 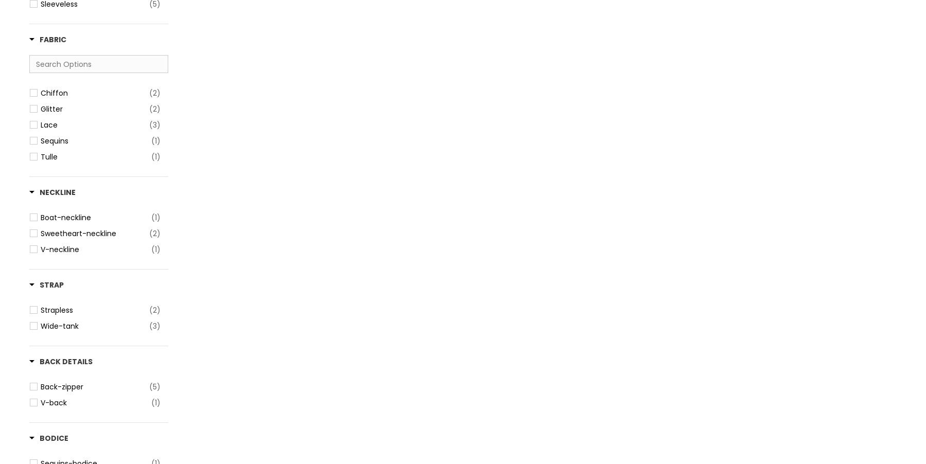 I want to click on 'Sweetheart-neckline', so click(x=78, y=233).